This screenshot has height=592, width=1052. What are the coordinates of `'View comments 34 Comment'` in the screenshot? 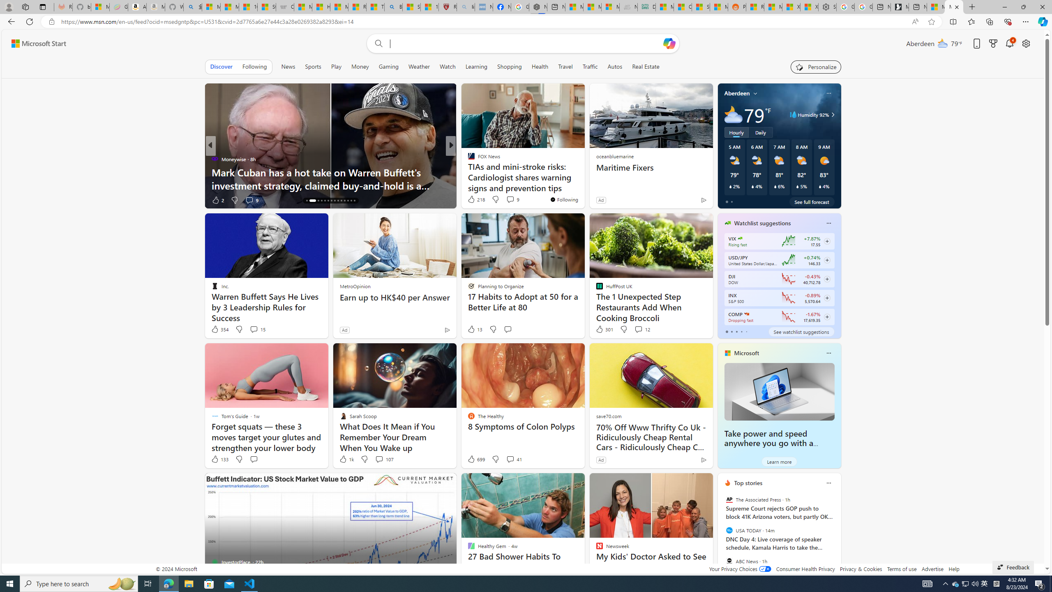 It's located at (508, 200).